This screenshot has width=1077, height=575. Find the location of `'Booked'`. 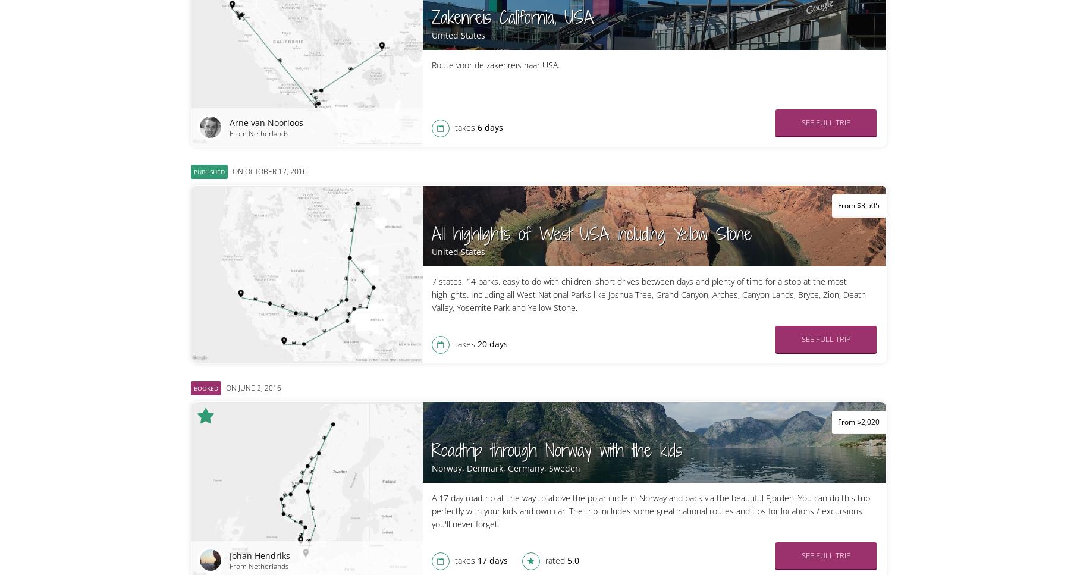

'Booked' is located at coordinates (205, 388).